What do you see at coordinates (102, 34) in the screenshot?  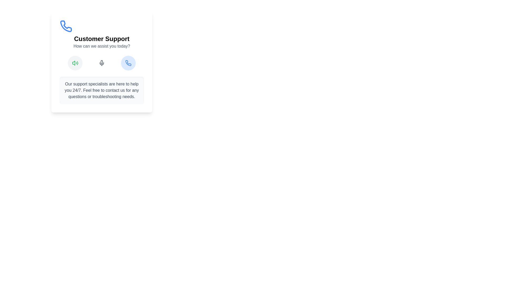 I see `the Text Section that serves as the header for the customer support section, which provides an introductory message to guide users in accessing help or support` at bounding box center [102, 34].